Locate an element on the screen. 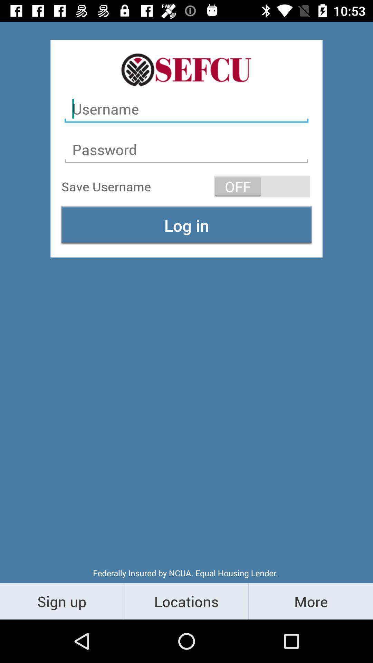  the item above log in icon is located at coordinates (262, 186).